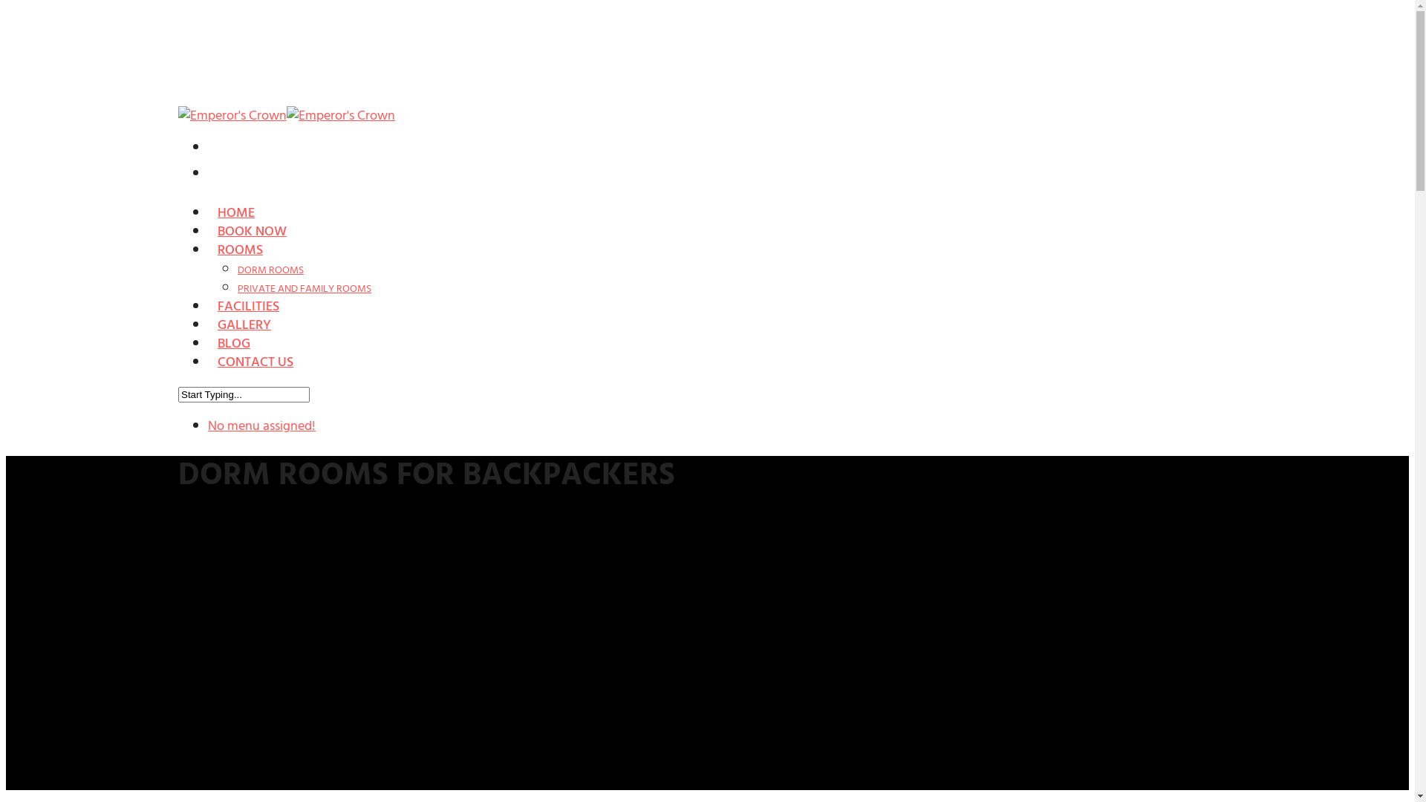  What do you see at coordinates (206, 334) in the screenshot?
I see `'GALLERY'` at bounding box center [206, 334].